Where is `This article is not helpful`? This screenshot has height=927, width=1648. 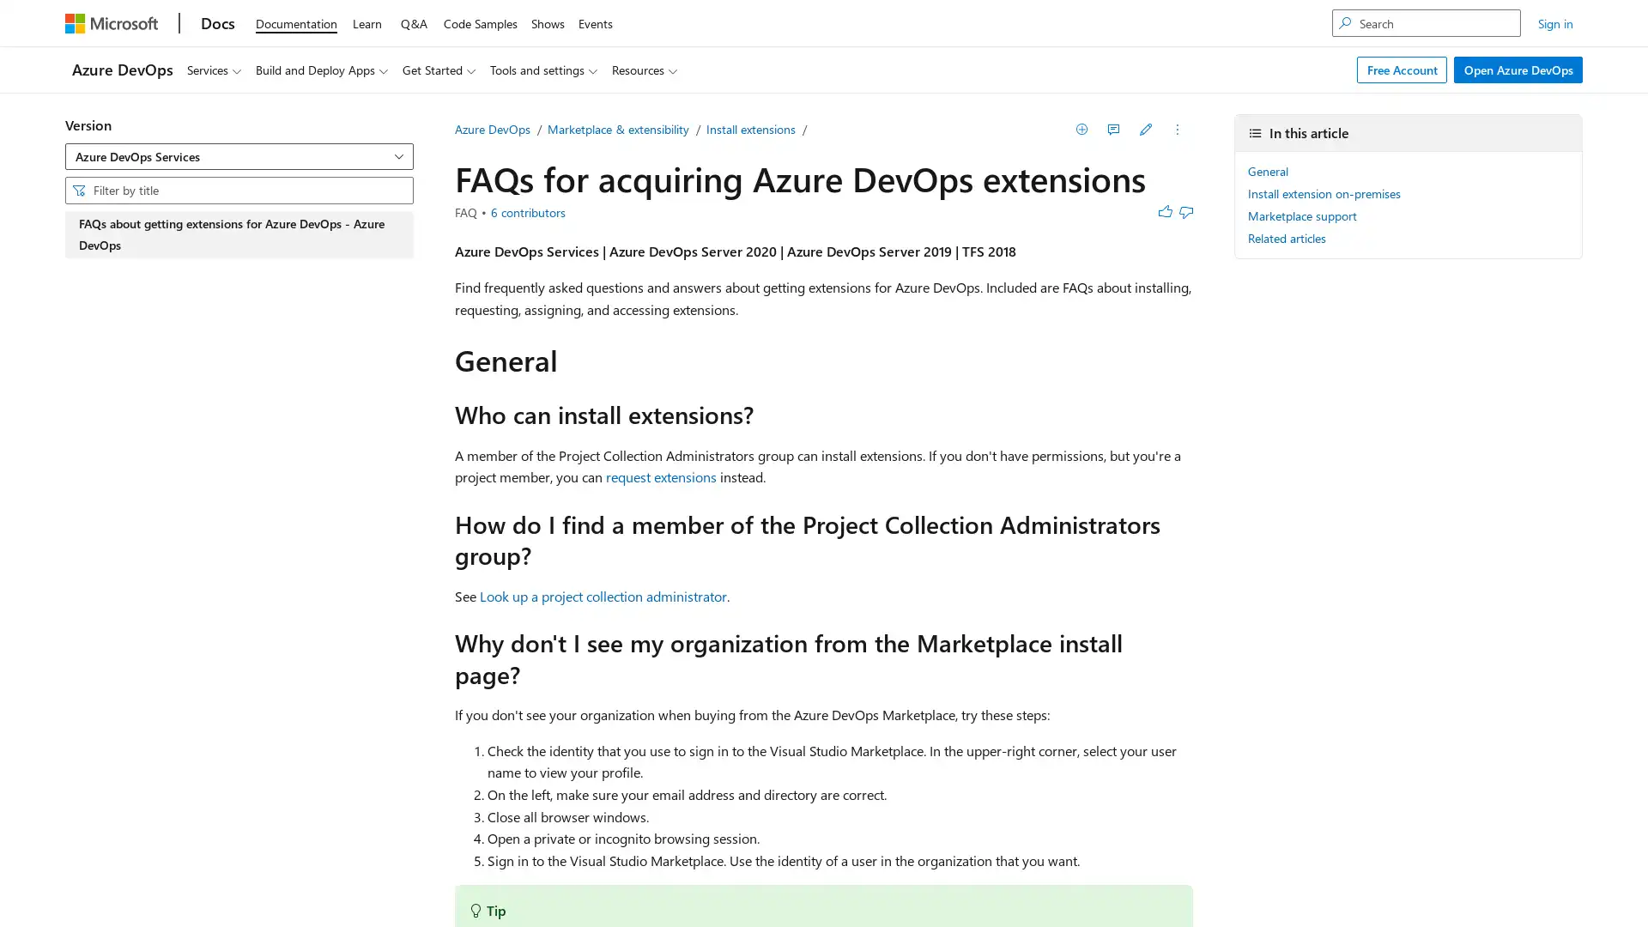
This article is not helpful is located at coordinates (1185, 210).